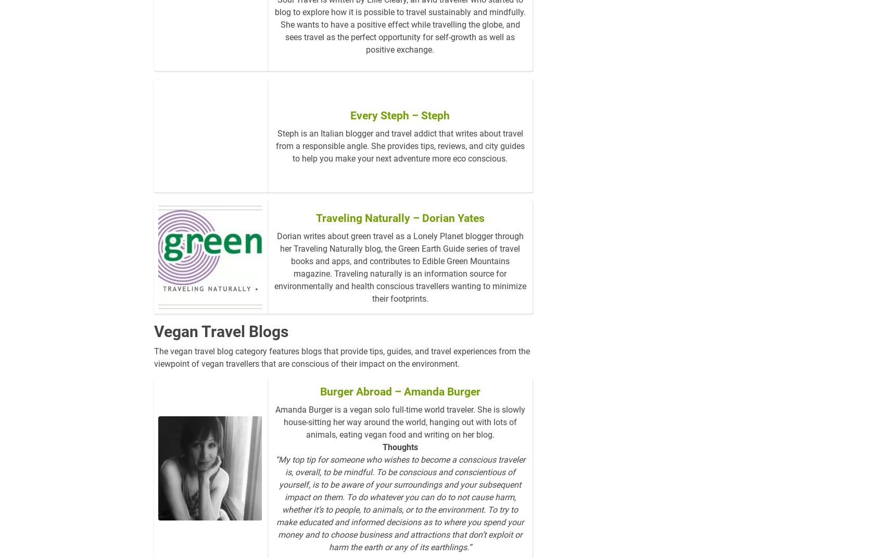 This screenshot has width=885, height=558. What do you see at coordinates (399, 234) in the screenshot?
I see `'Traveling Naturally – Dorian Yates'` at bounding box center [399, 234].